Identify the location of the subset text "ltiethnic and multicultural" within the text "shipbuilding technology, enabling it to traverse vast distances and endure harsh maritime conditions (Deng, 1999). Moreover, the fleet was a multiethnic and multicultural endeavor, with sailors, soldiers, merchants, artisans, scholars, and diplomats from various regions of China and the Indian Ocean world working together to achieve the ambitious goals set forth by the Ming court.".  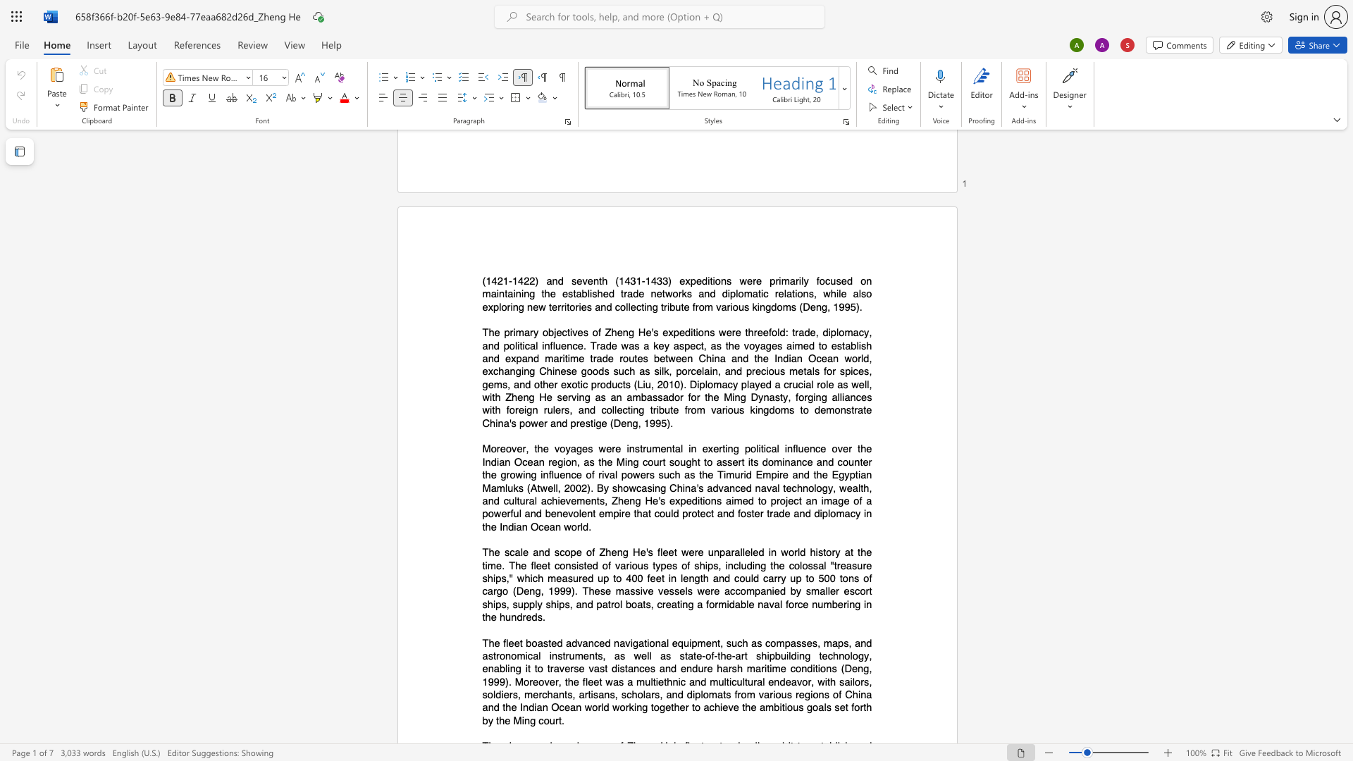
(650, 681).